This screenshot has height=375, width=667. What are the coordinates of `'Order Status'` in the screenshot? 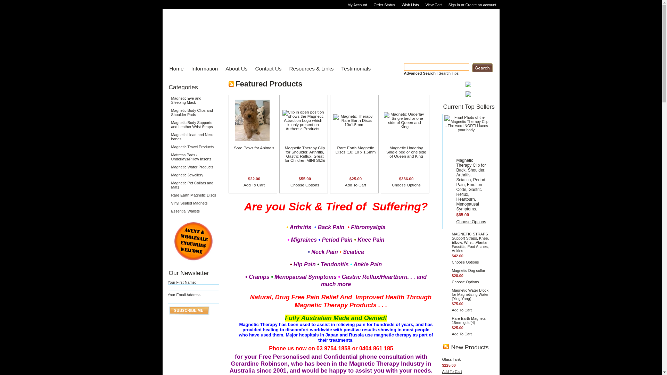 It's located at (385, 5).